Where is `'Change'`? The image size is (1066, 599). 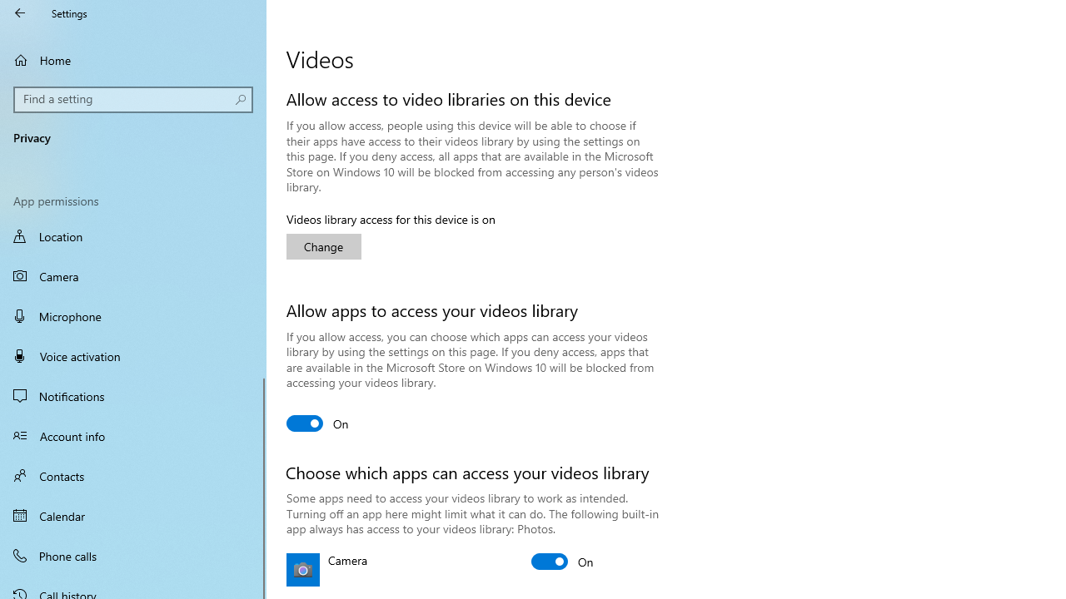
'Change' is located at coordinates (324, 246).